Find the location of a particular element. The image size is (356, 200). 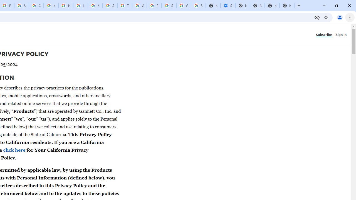

'Sign In' is located at coordinates (342, 34).